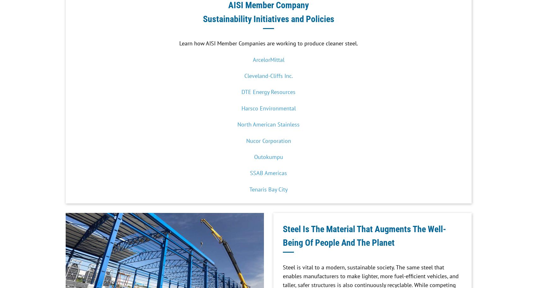 The image size is (537, 288). Describe the element at coordinates (268, 75) in the screenshot. I see `'Cleveland-Cliffs Inc.'` at that location.